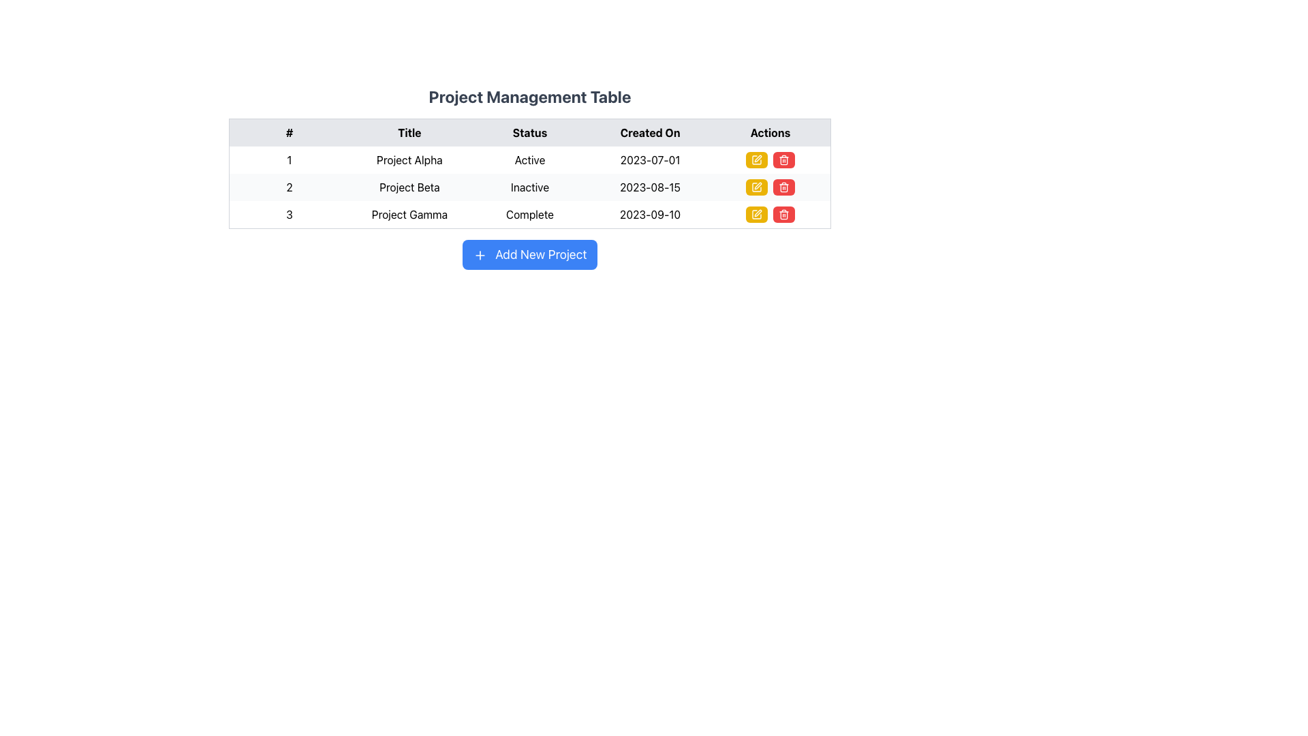  I want to click on the 'Actions' column header text label located in the header row of the table, which is the fifth column header to the right of the 'Created On' column, so click(770, 132).